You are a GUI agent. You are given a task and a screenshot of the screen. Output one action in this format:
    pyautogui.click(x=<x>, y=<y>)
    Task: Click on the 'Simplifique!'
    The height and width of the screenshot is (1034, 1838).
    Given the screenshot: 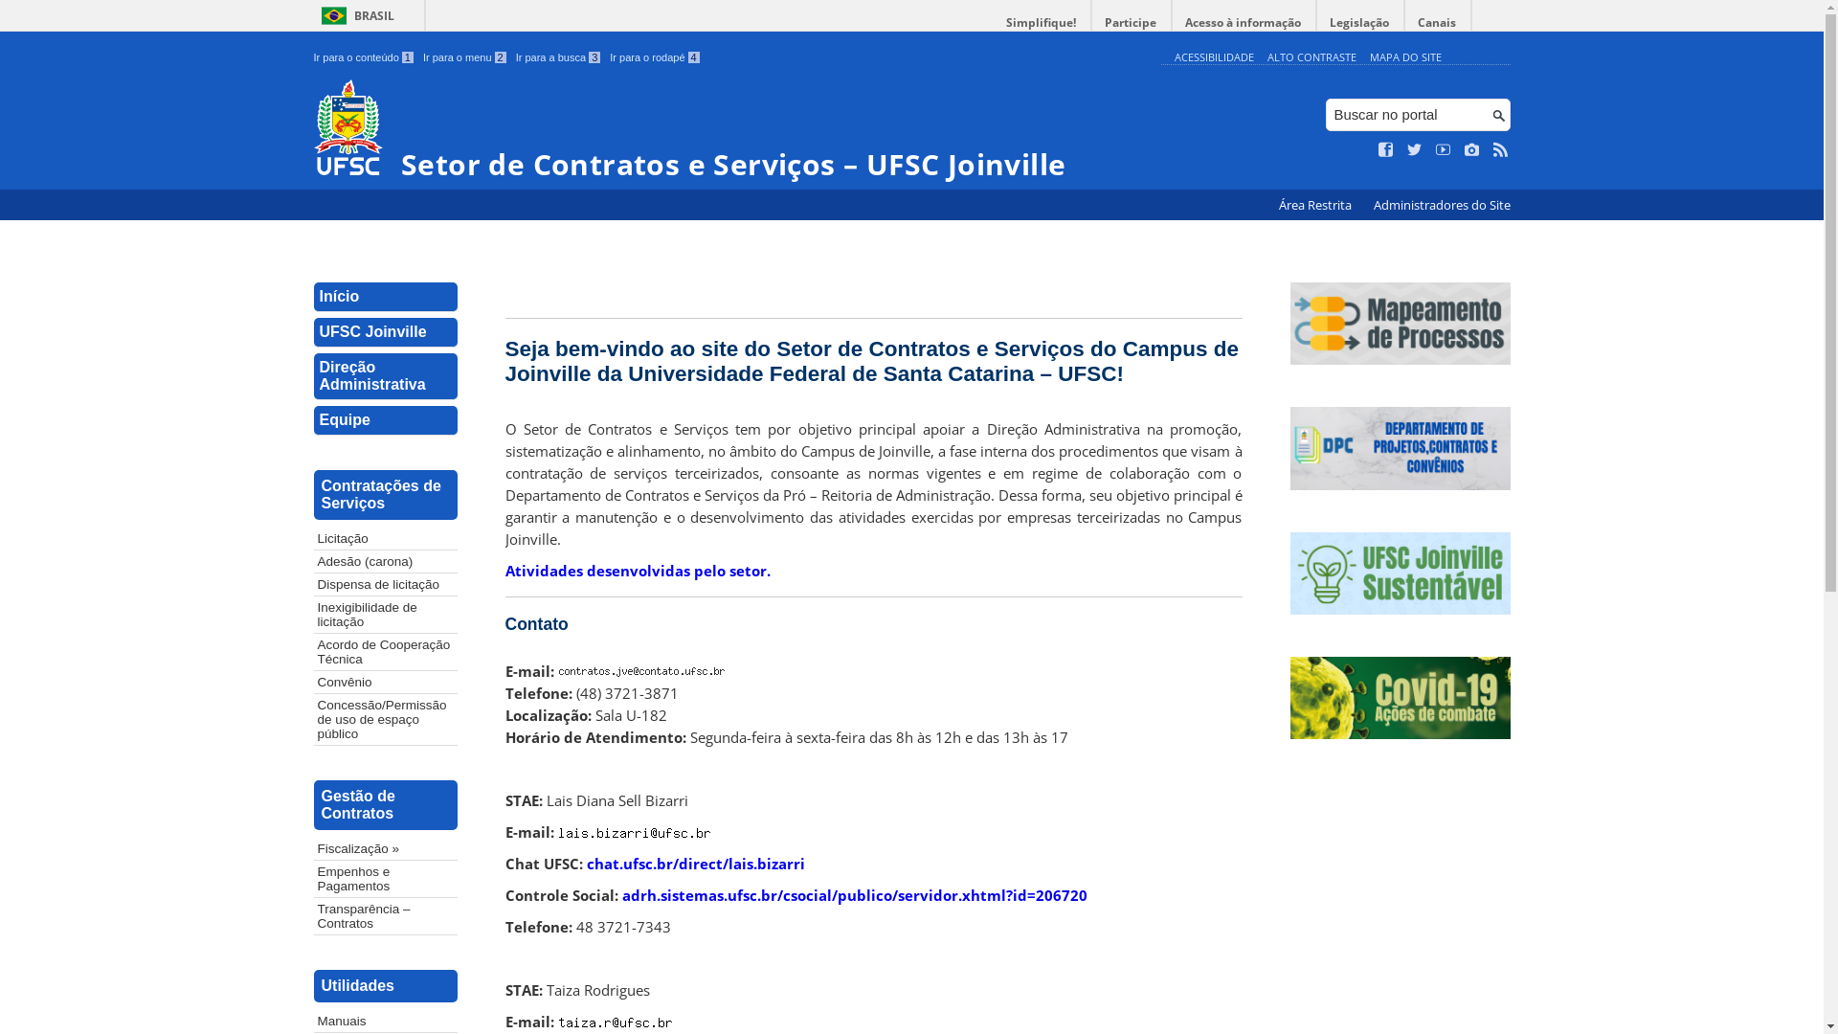 What is the action you would take?
    pyautogui.click(x=1041, y=22)
    